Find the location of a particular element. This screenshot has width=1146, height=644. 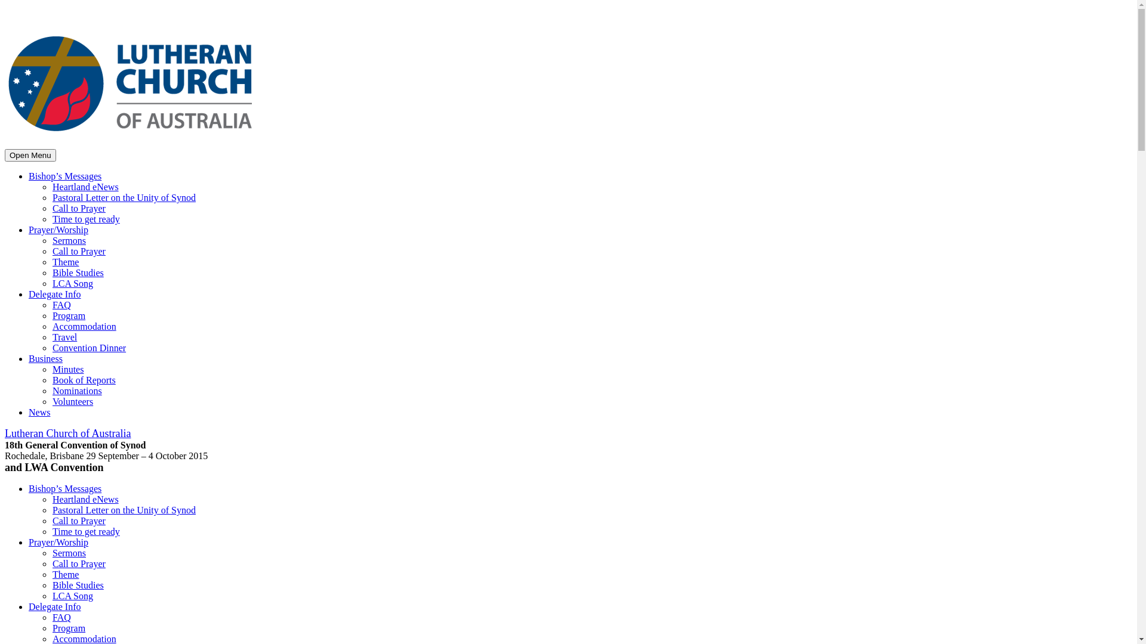

'Lutheran Church of Australia' is located at coordinates (67, 434).